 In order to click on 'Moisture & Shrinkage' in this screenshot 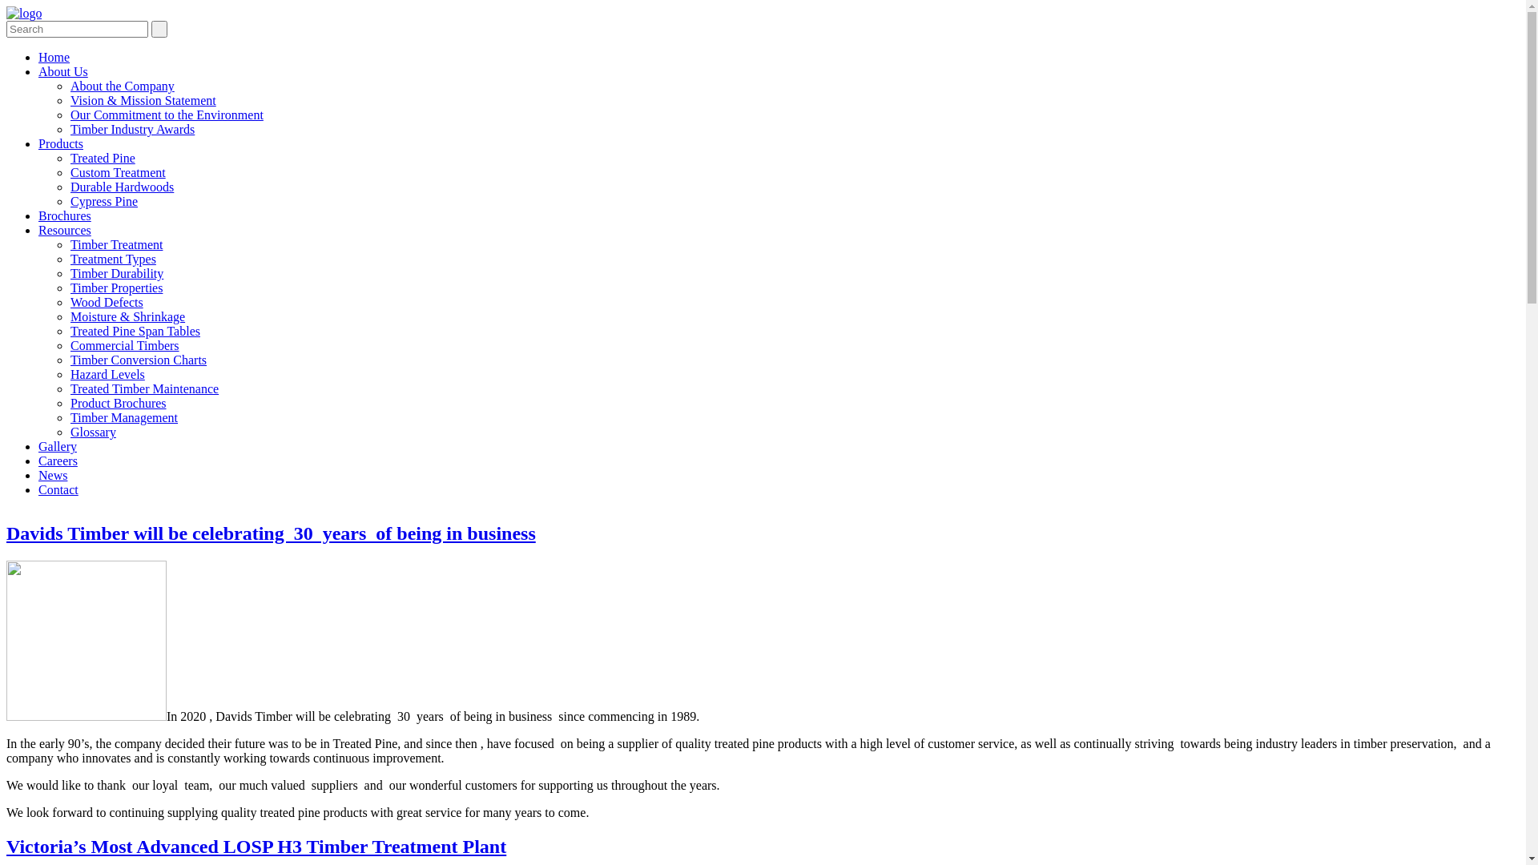, I will do `click(127, 316)`.